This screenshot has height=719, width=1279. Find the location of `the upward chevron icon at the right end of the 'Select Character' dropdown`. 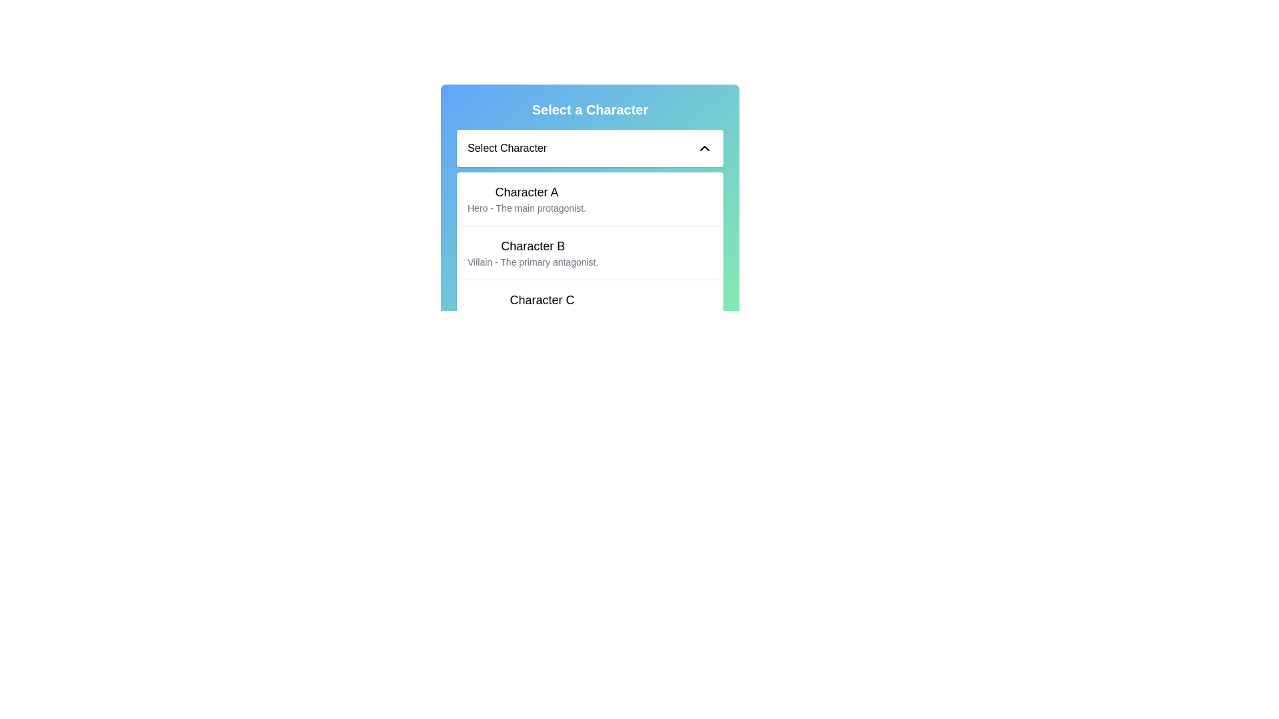

the upward chevron icon at the right end of the 'Select Character' dropdown is located at coordinates (703, 148).